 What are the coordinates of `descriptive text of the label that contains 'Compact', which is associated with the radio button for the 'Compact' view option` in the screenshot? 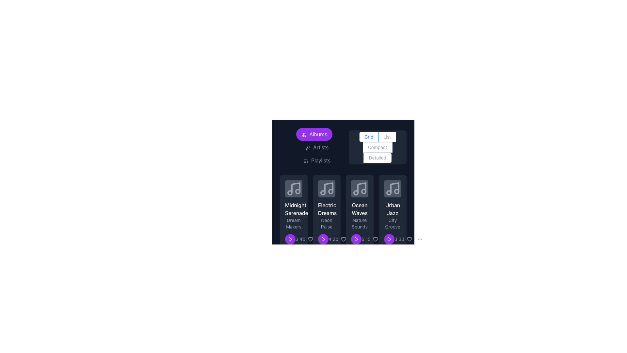 It's located at (378, 147).